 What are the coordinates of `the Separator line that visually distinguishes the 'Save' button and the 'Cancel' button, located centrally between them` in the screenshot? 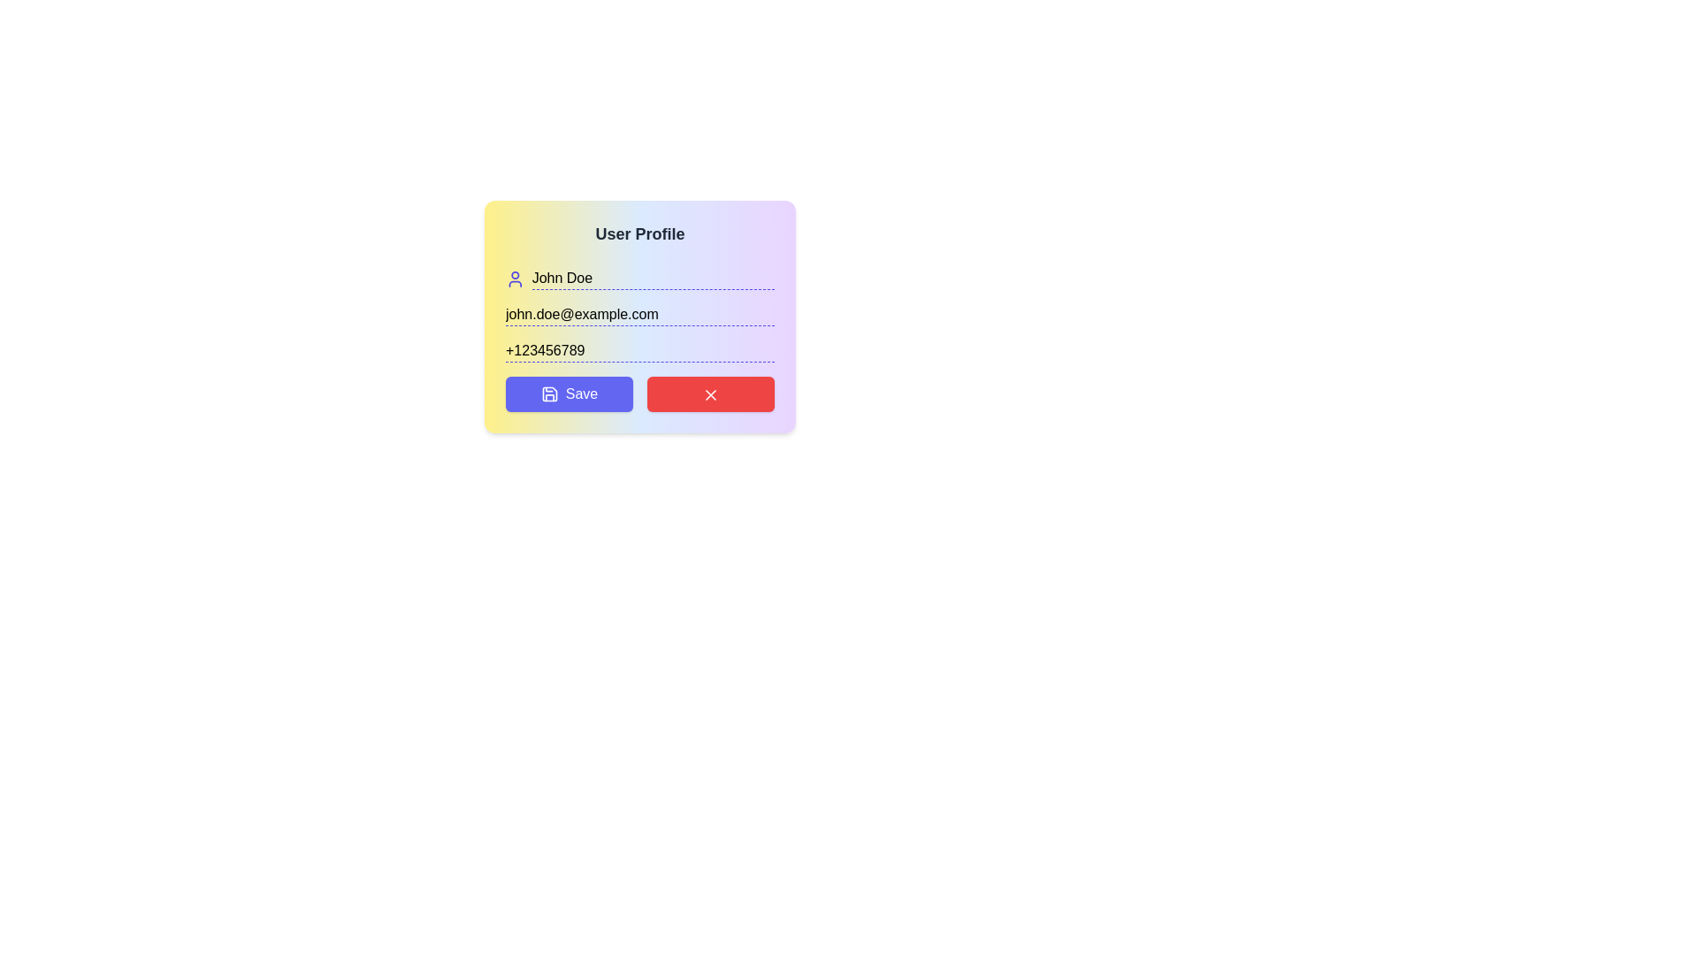 It's located at (639, 393).